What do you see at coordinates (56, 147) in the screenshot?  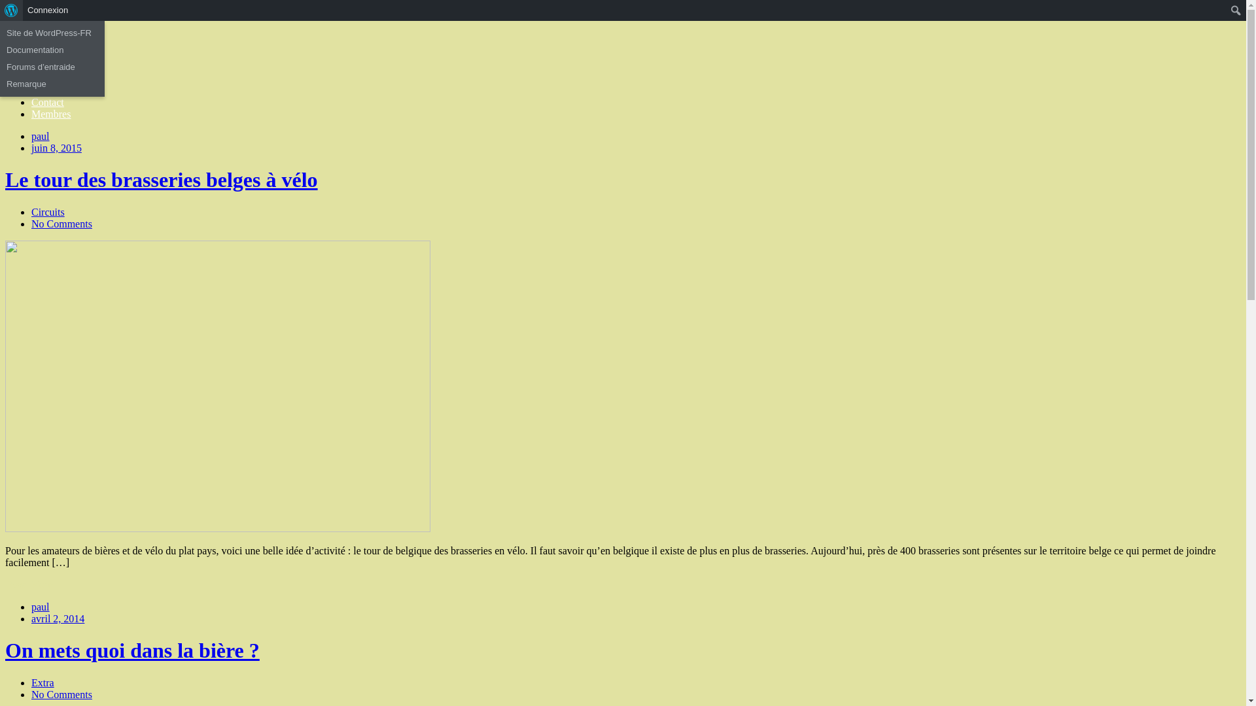 I see `'juin 8, 2015'` at bounding box center [56, 147].